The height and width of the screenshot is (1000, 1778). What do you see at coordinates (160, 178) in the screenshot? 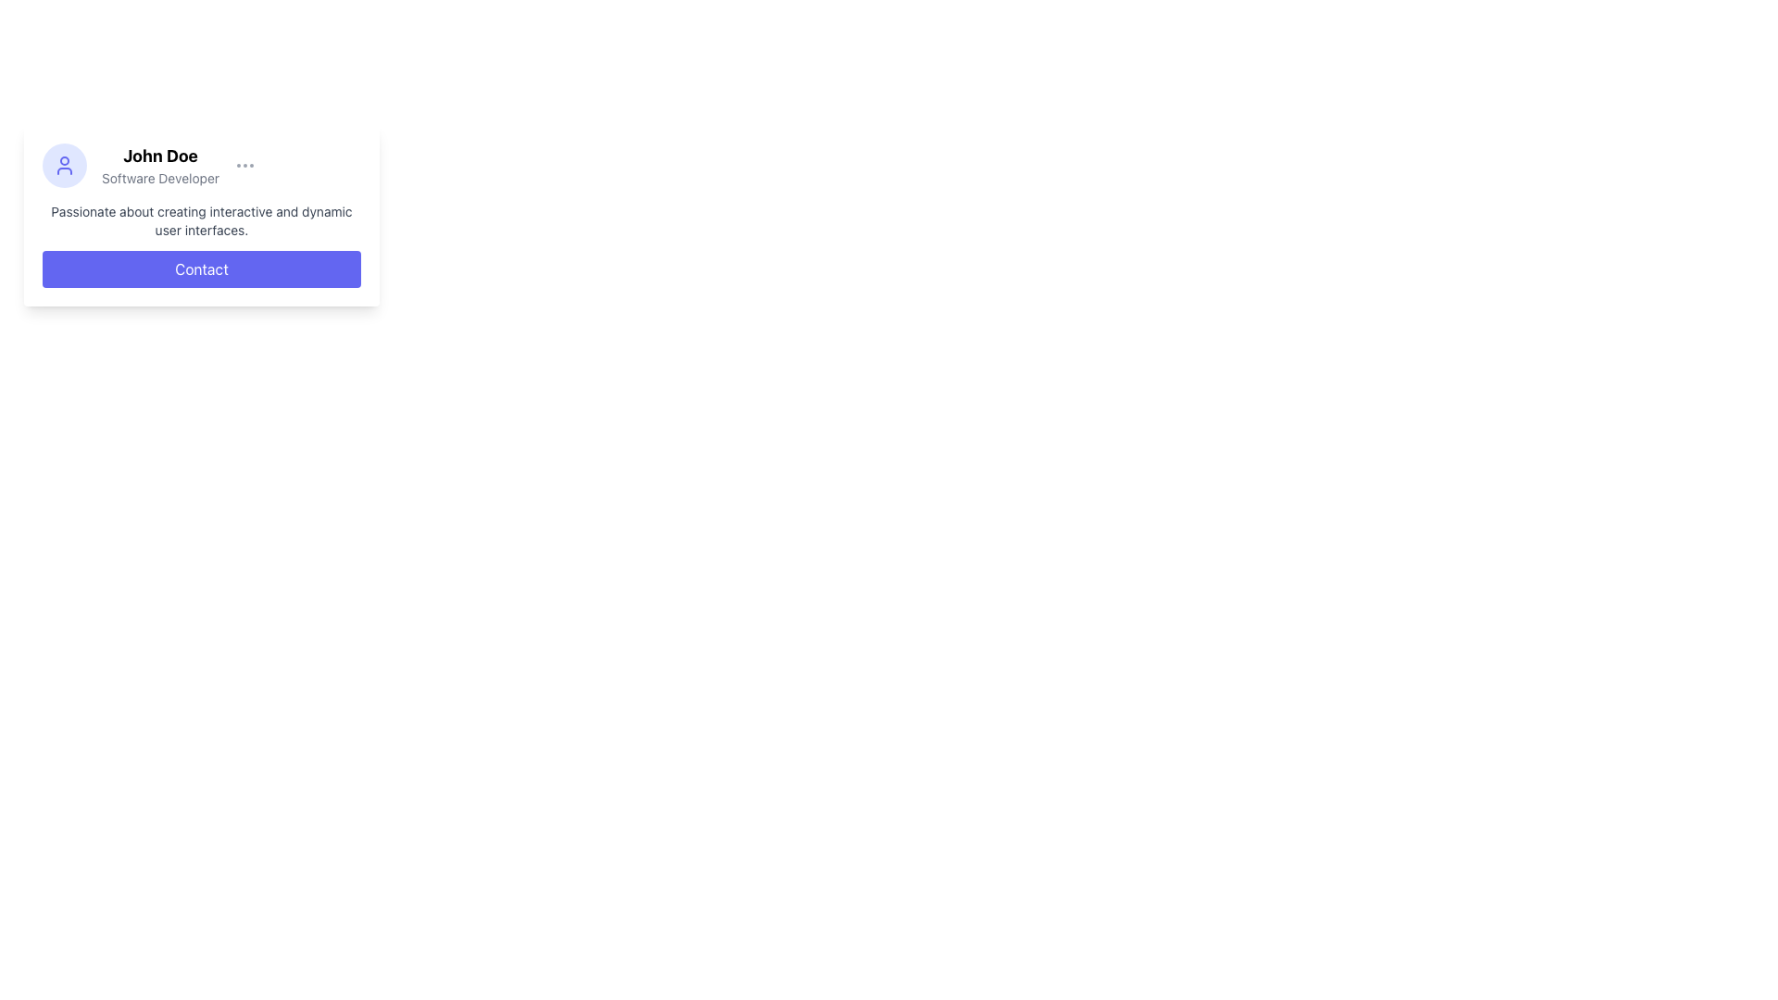
I see `the text label that displays 'Software Developer', which is styled in a smaller font size and lighter gray color, located beneath the name 'John Doe' in a card-like component` at bounding box center [160, 178].